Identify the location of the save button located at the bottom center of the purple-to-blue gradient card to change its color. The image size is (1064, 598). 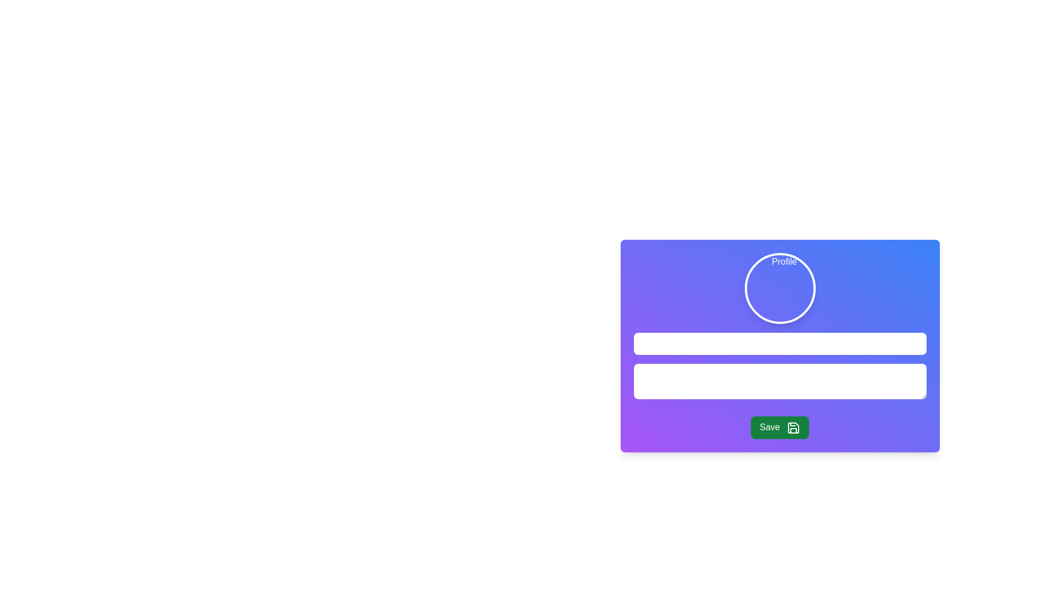
(779, 427).